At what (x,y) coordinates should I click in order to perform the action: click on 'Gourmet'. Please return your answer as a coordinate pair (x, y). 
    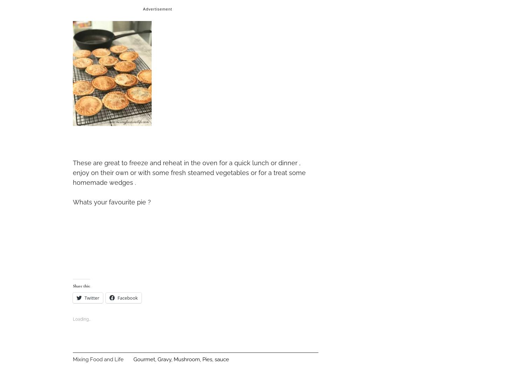
    Looking at the image, I should click on (144, 358).